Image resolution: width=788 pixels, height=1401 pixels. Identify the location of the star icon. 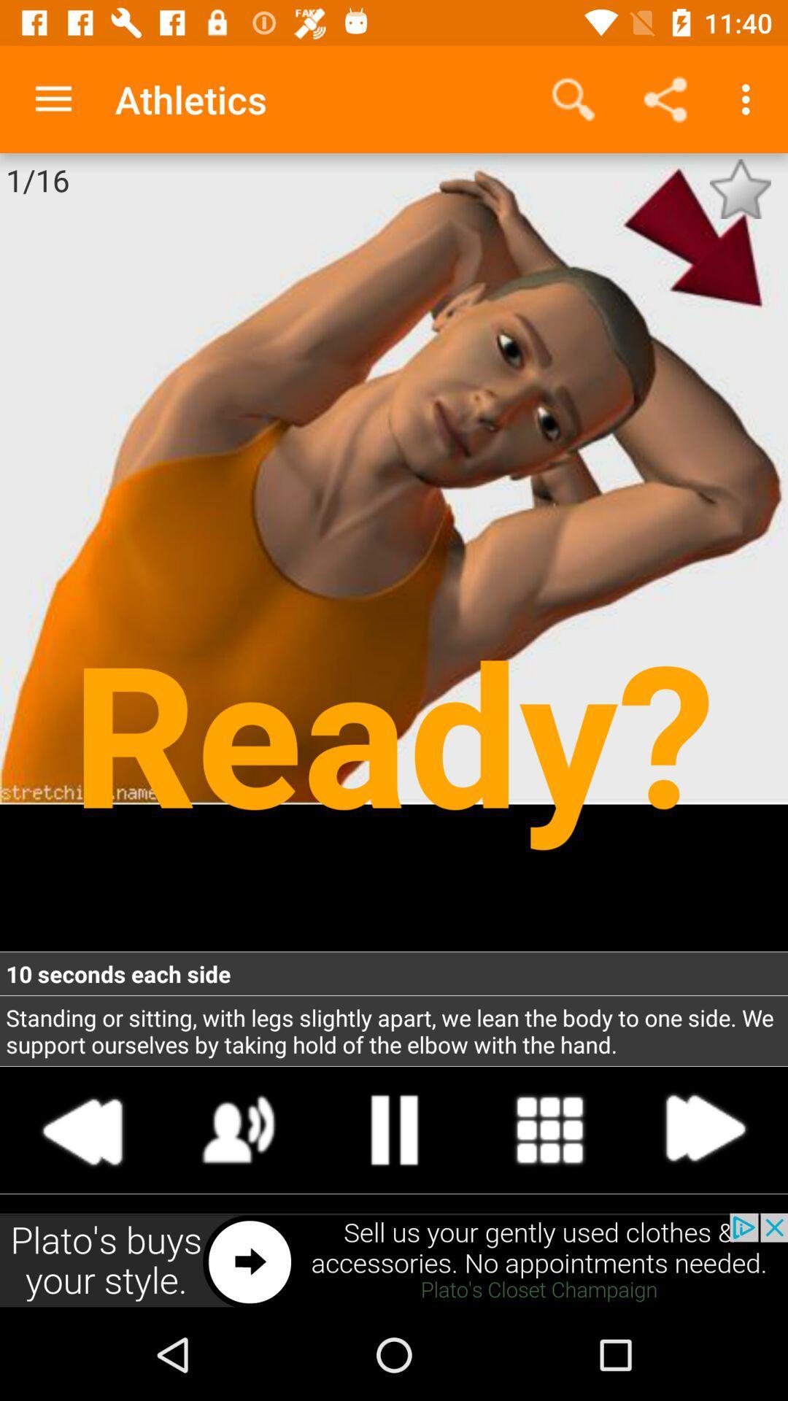
(740, 188).